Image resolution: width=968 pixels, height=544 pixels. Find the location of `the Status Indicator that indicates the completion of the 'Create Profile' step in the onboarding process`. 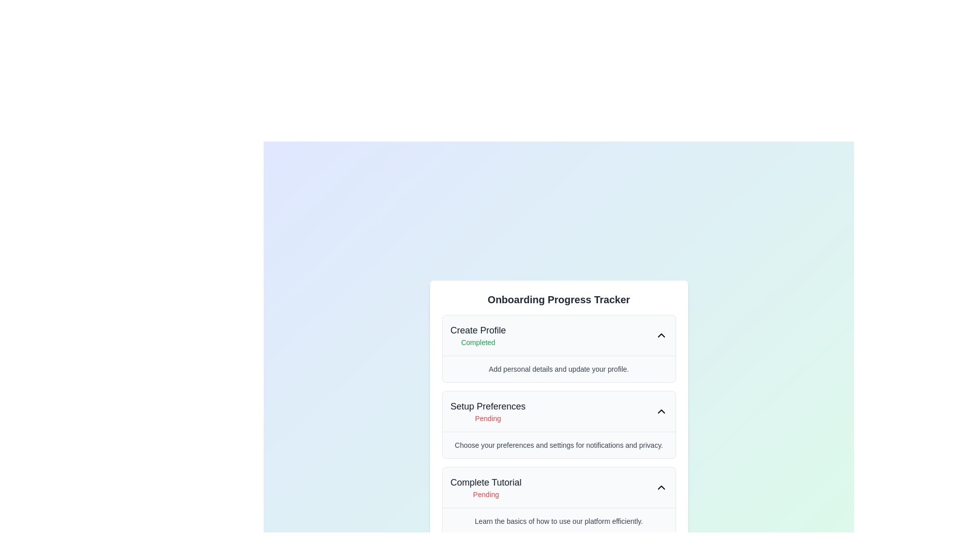

the Status Indicator that indicates the completion of the 'Create Profile' step in the onboarding process is located at coordinates (477, 335).